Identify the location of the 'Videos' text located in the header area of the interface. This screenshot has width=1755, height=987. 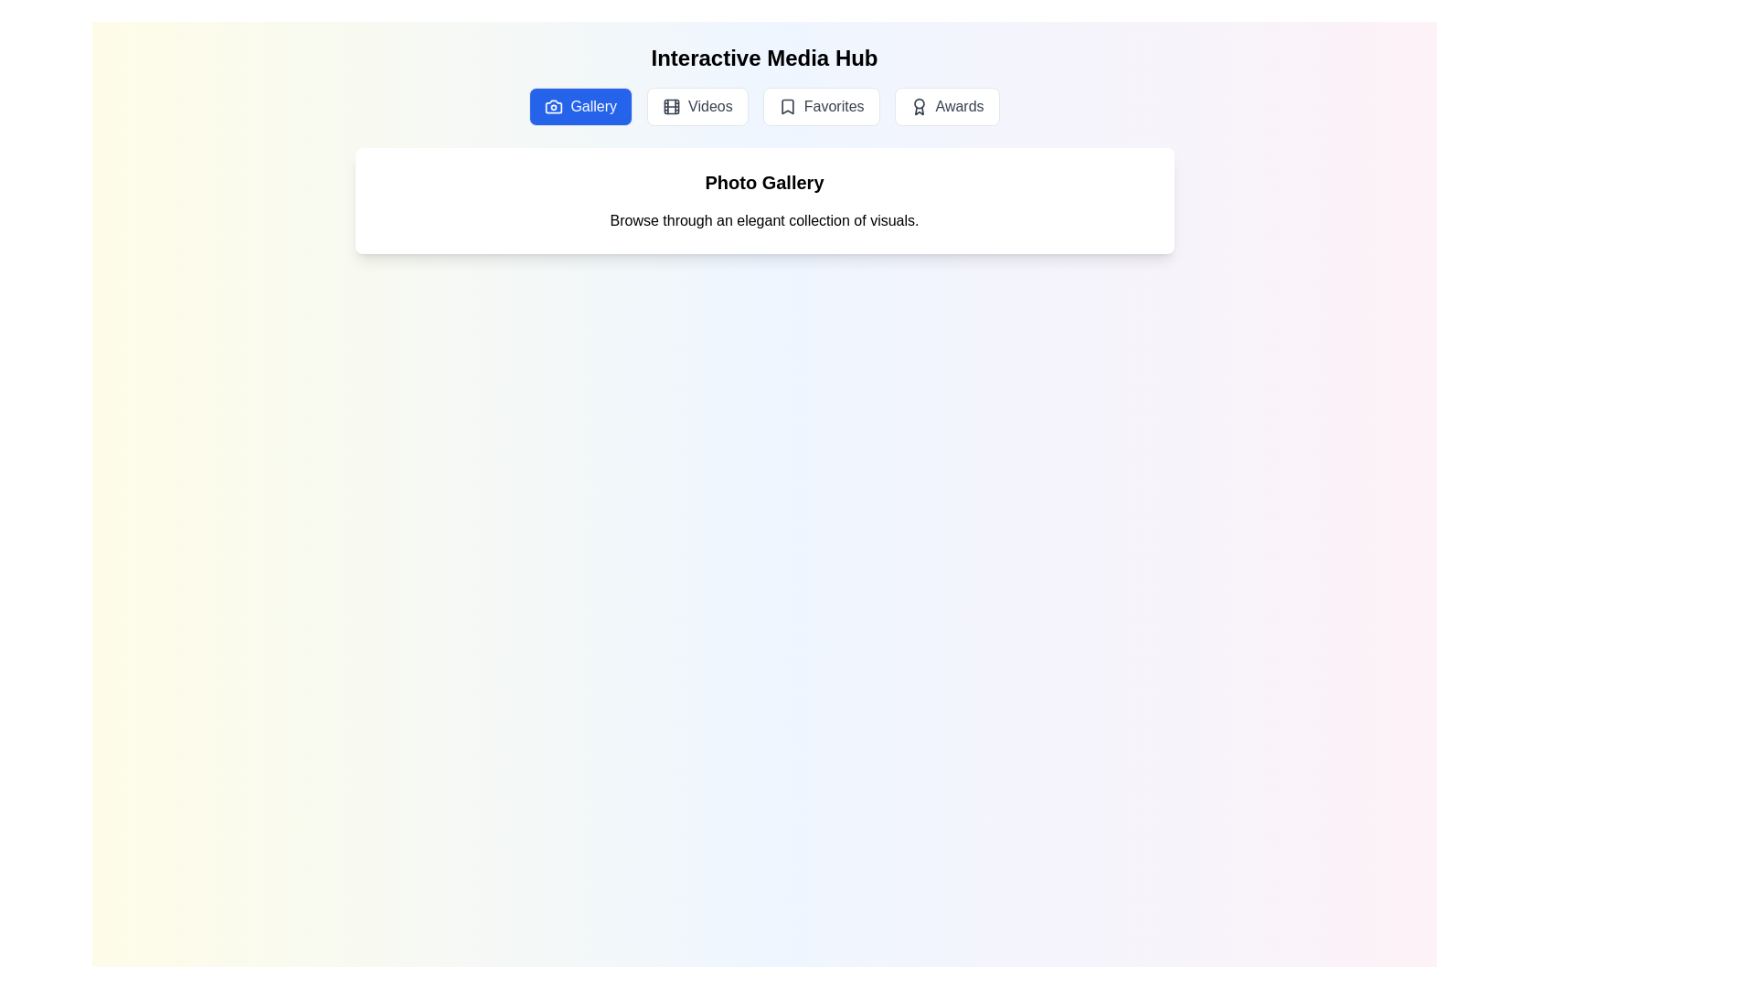
(709, 106).